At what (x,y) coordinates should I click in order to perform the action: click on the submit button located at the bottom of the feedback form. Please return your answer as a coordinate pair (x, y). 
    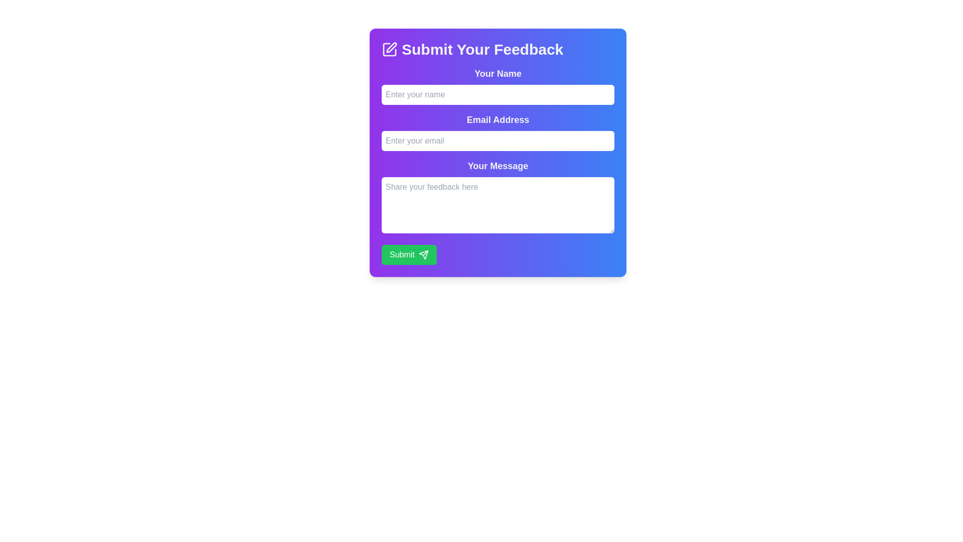
    Looking at the image, I should click on (409, 254).